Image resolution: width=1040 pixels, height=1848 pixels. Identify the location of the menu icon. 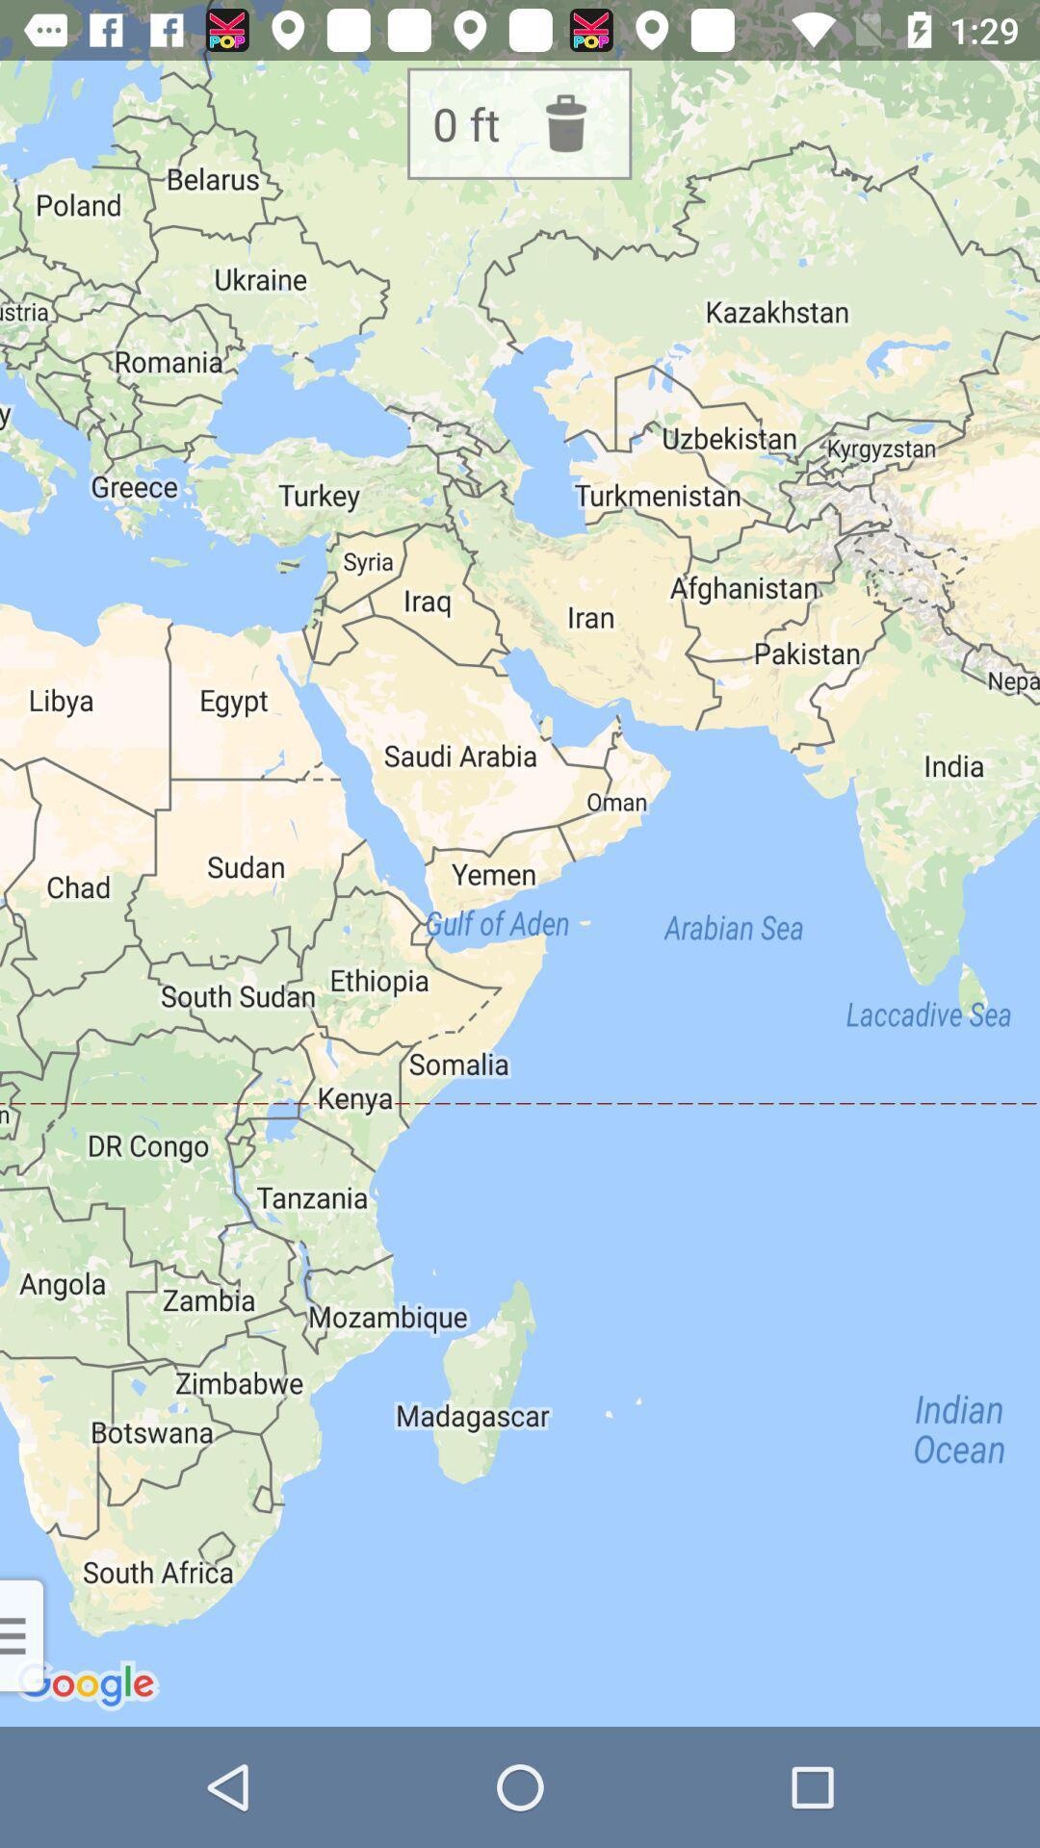
(26, 1696).